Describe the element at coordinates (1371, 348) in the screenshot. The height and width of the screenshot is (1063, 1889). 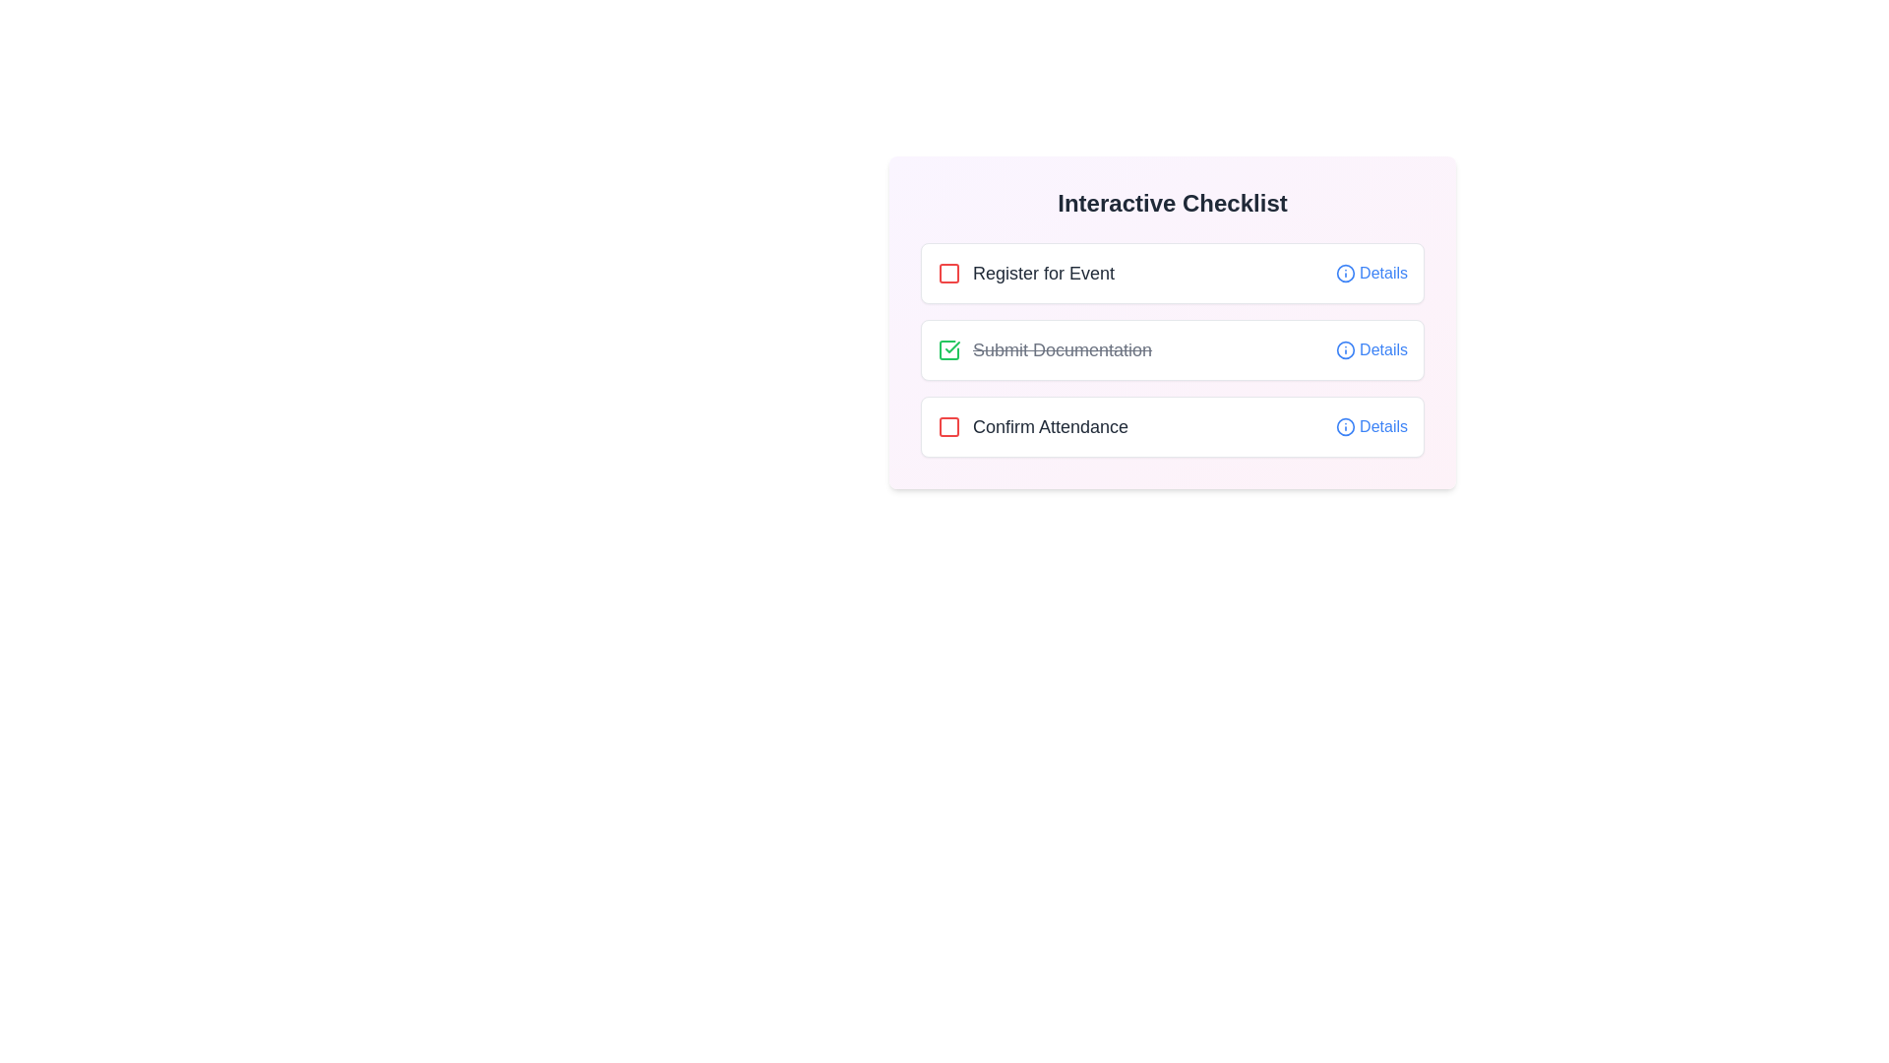
I see `the clickable text with an icon associated with the 'Submit Documentation' task in the Interactive Checklist` at that location.